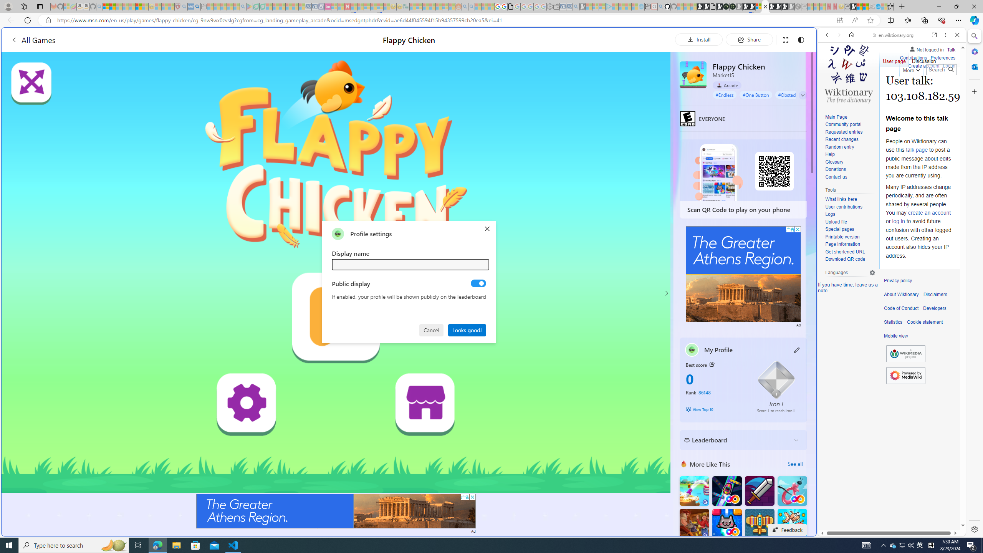 The image size is (983, 553). What do you see at coordinates (911, 69) in the screenshot?
I see `'More'` at bounding box center [911, 69].